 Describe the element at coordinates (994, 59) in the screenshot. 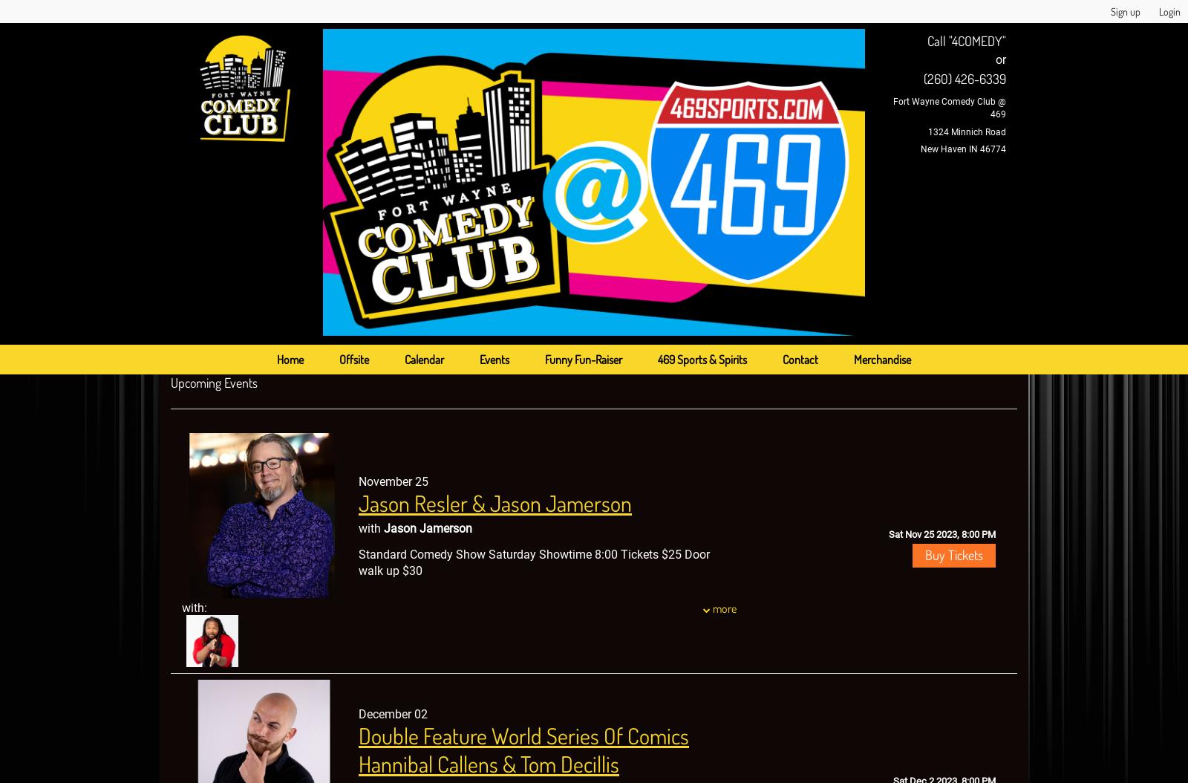

I see `'or'` at that location.